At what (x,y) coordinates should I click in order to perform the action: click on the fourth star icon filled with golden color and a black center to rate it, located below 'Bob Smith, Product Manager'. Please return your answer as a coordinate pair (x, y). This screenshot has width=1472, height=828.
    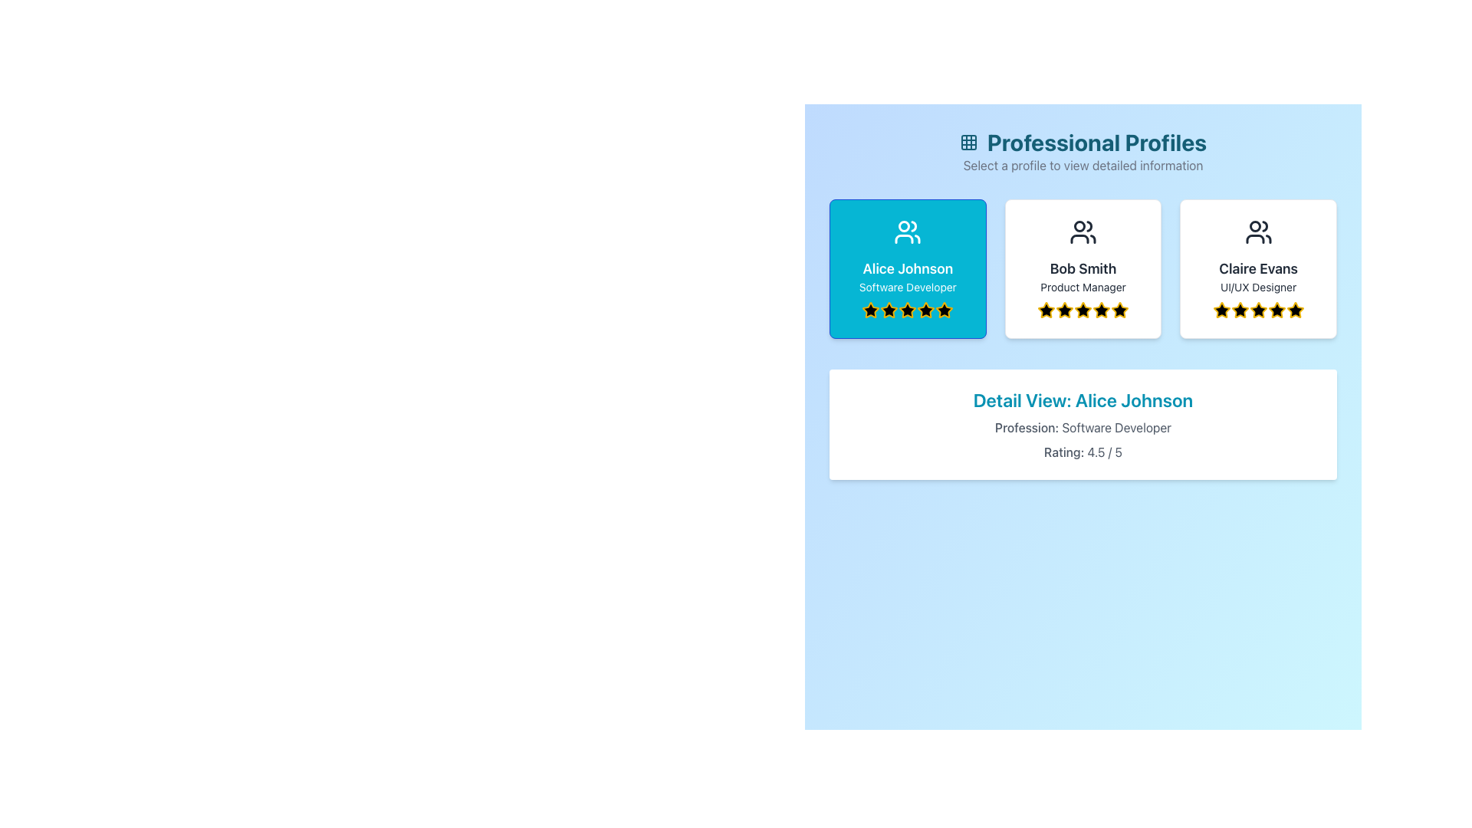
    Looking at the image, I should click on (1100, 310).